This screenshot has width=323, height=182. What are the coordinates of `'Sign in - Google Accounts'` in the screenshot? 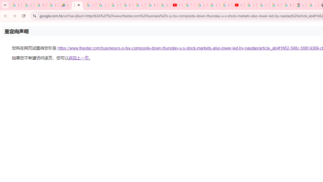 It's located at (250, 5).